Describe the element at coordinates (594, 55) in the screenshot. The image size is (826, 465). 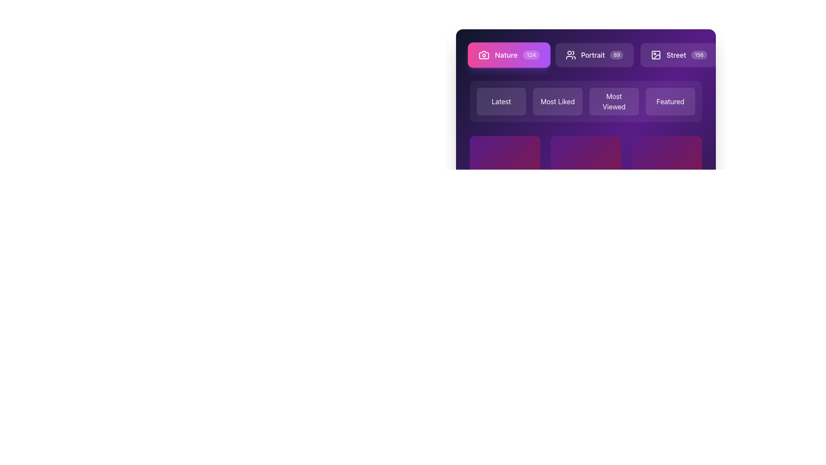
I see `the 'Portrait' button located in the top section of the interface, which features a white icon resembling a user profile, the label 'Portrait', and a badge styled number '89'` at that location.